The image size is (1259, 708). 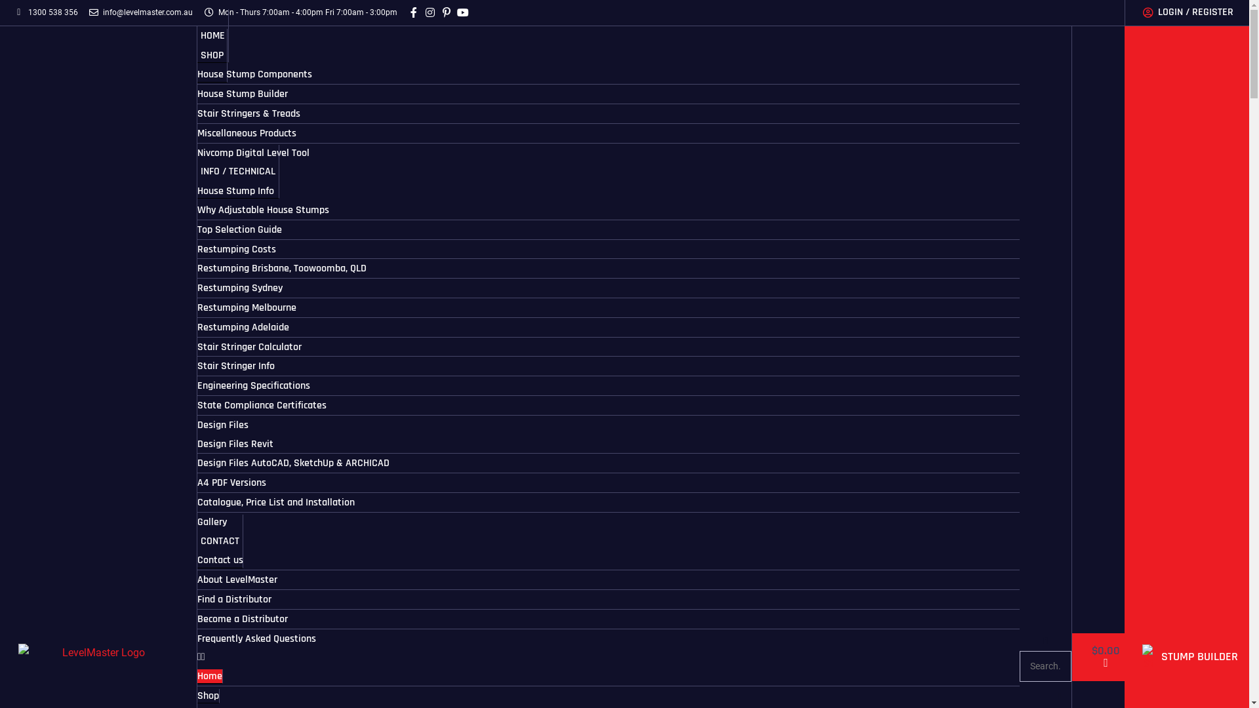 What do you see at coordinates (235, 191) in the screenshot?
I see `'House Stump Info'` at bounding box center [235, 191].